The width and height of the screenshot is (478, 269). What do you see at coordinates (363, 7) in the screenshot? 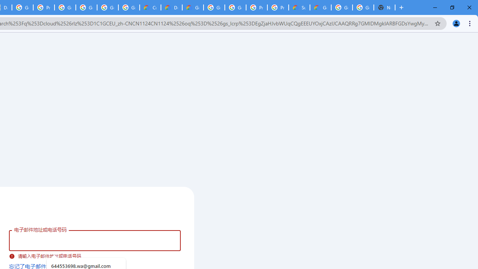
I see `'Google Cloud Platform'` at bounding box center [363, 7].